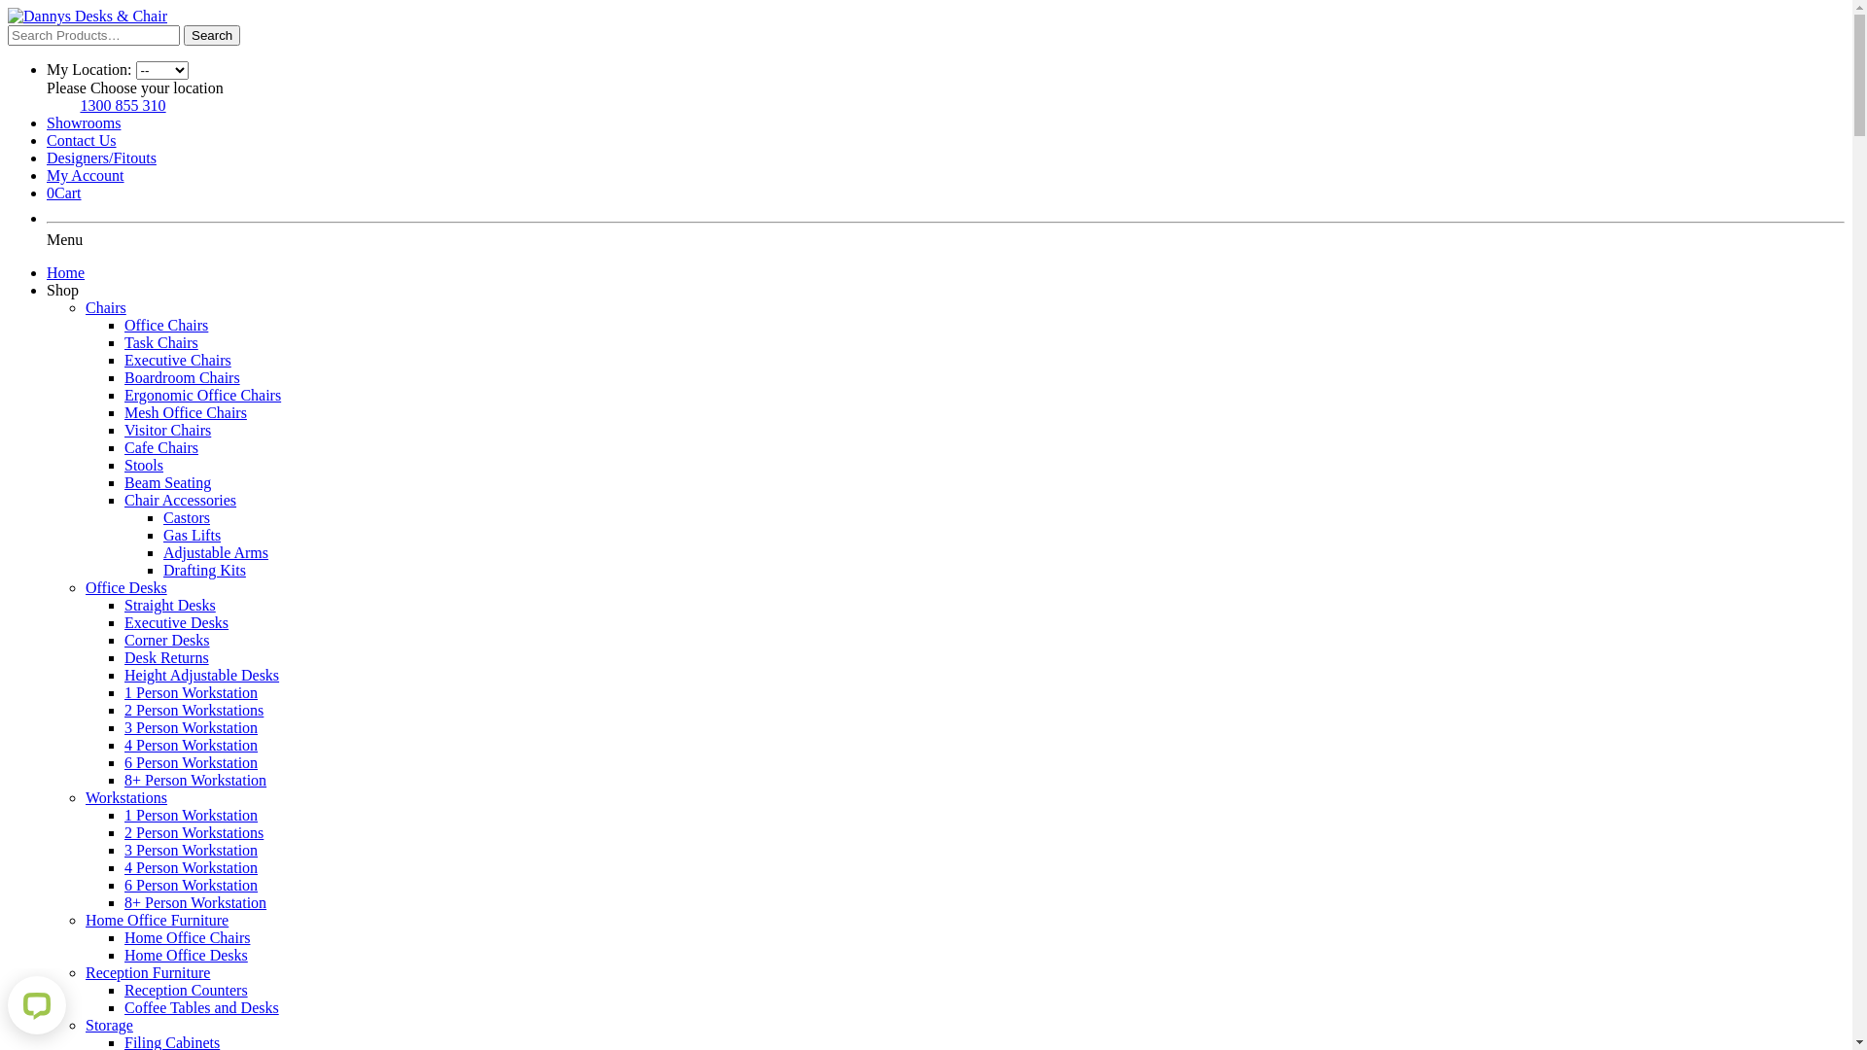  I want to click on 'Height Adjustable Desks', so click(201, 674).